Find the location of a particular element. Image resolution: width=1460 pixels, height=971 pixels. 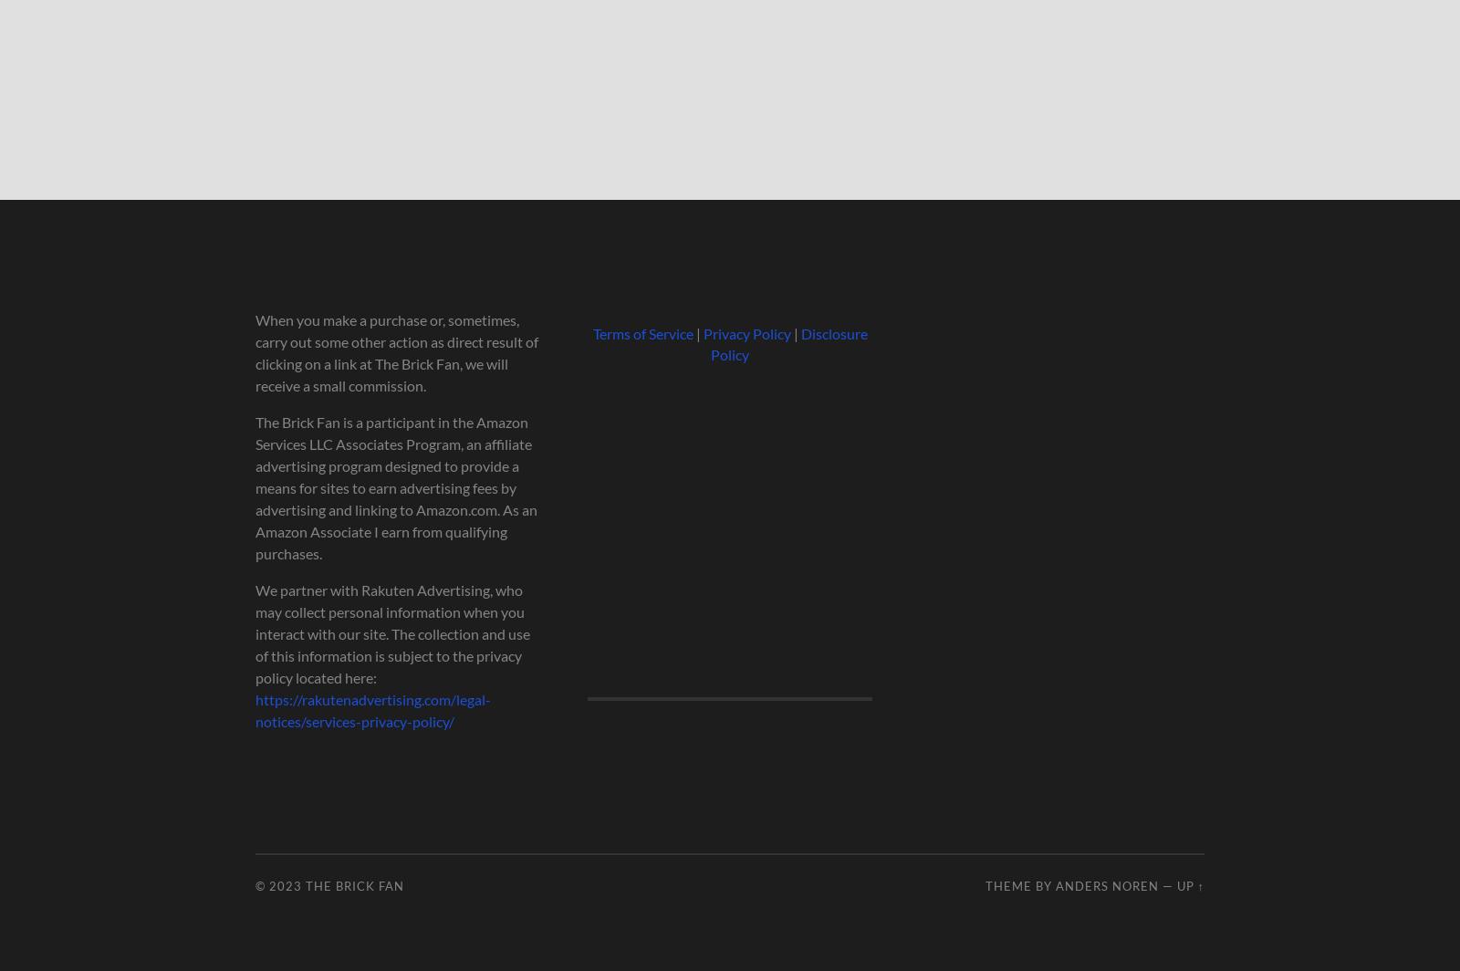

'Theme by' is located at coordinates (1019, 885).